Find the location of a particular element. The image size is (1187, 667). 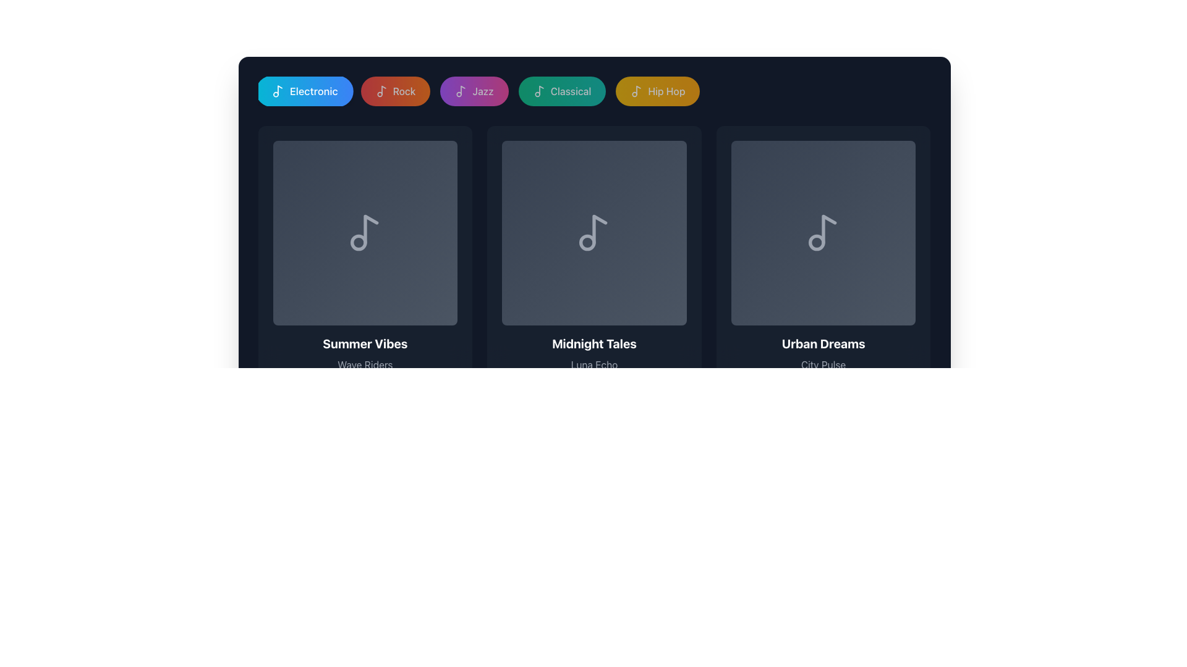

the text block containing 'Summer Vibes' to trigger a tooltip or highlight is located at coordinates (364, 361).